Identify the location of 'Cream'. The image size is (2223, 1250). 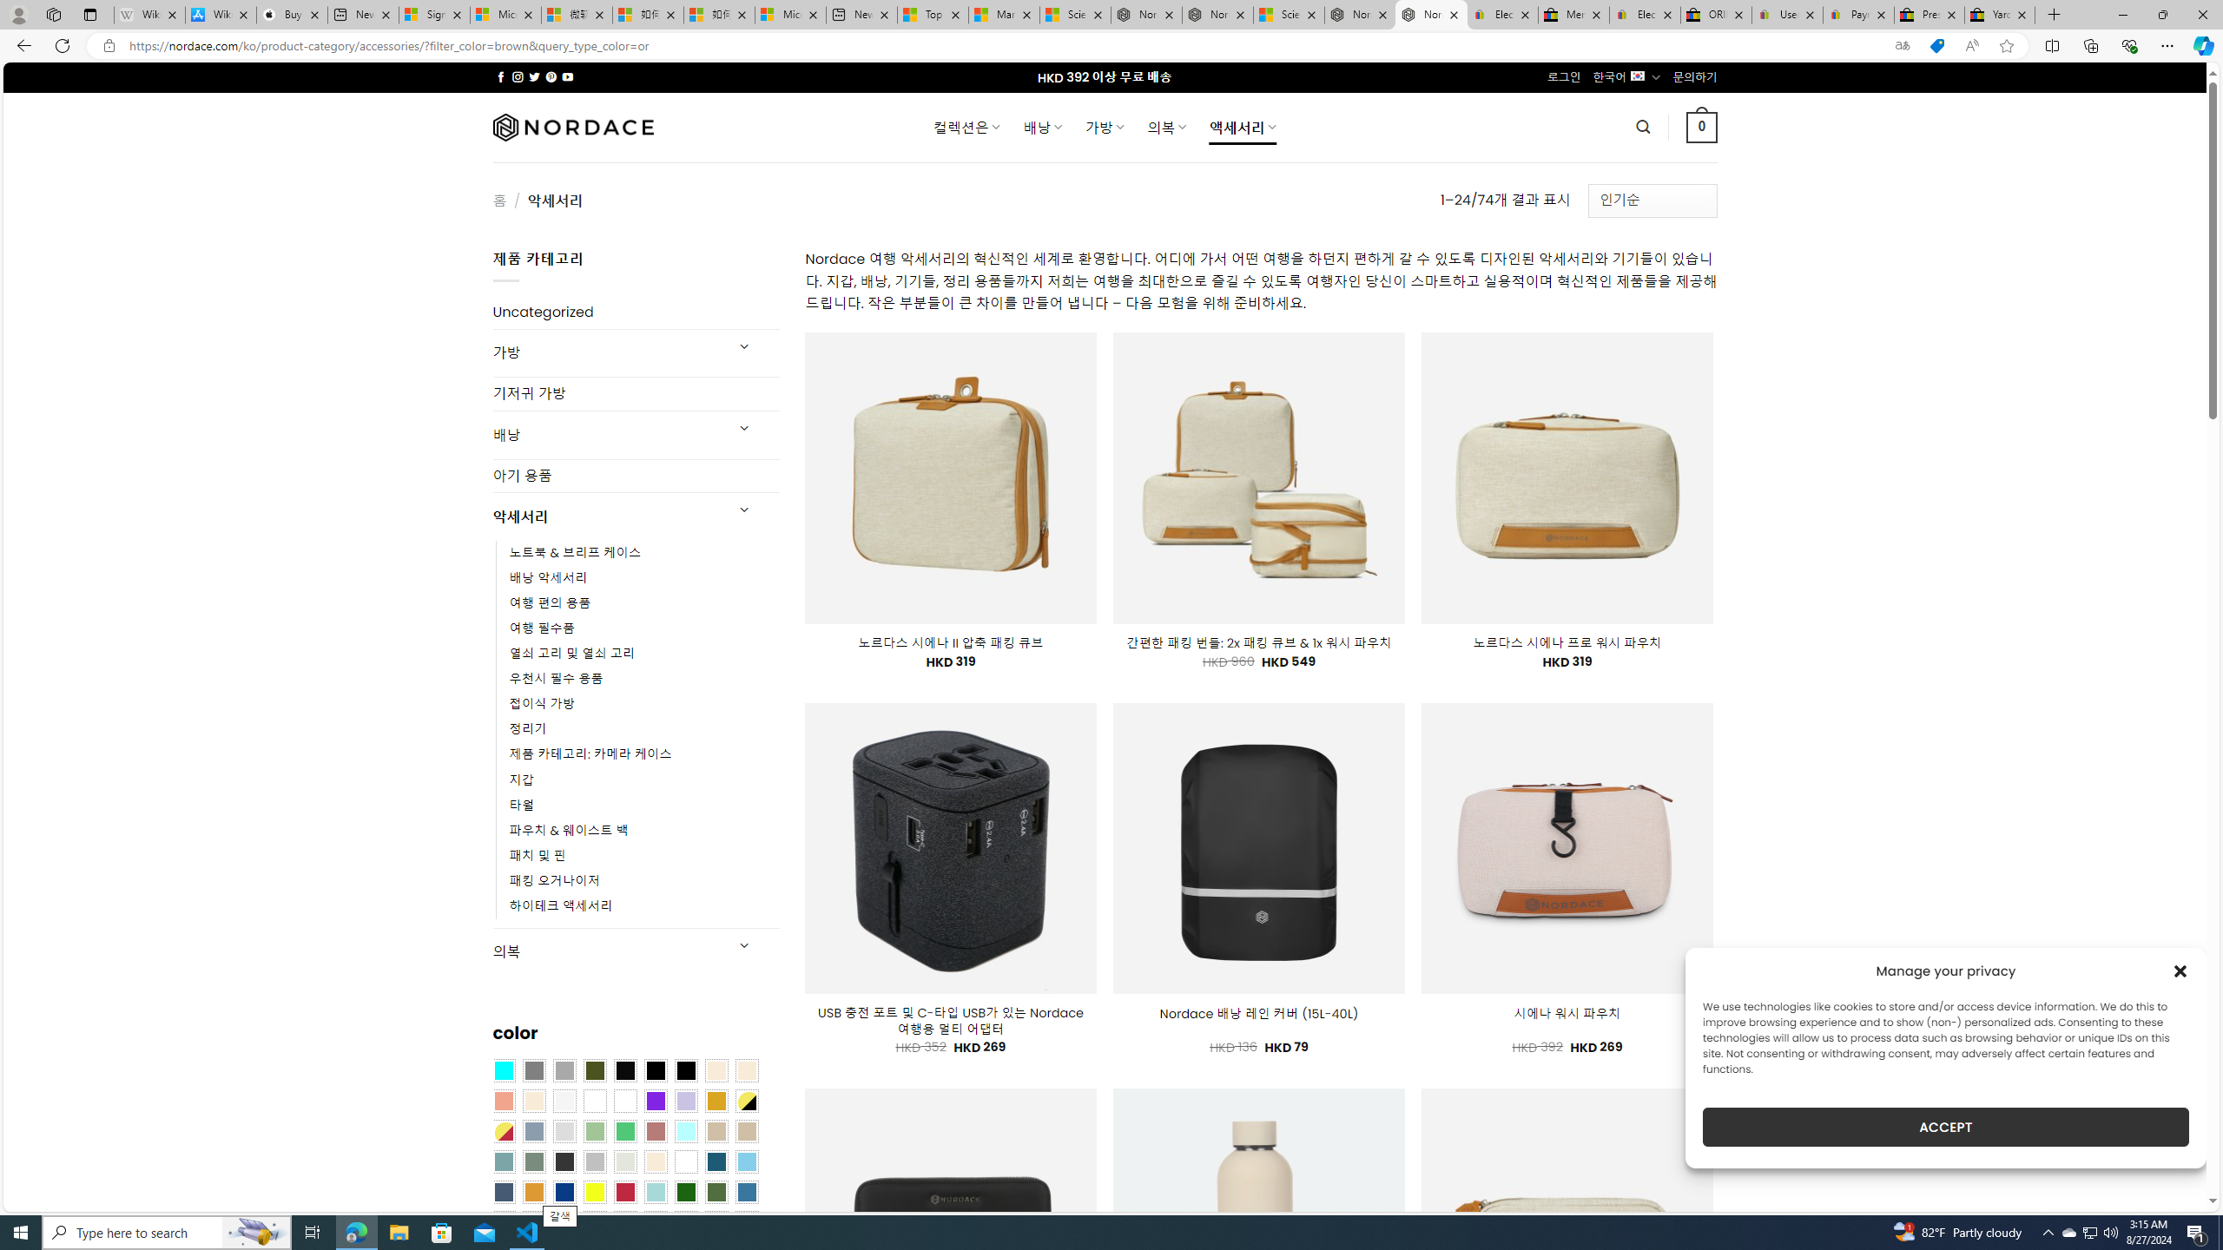
(532, 1100).